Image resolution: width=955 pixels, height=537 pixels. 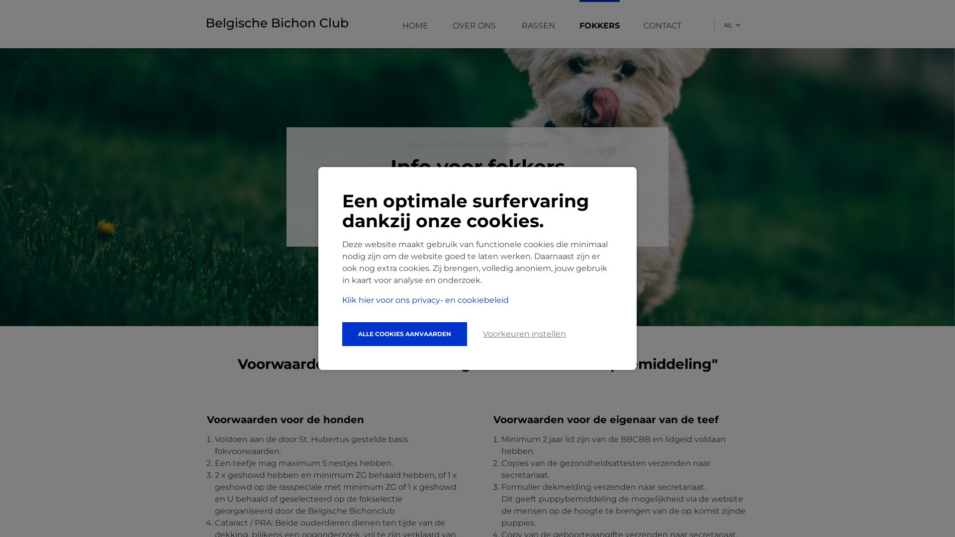 I want to click on 'RASSEN', so click(x=521, y=25).